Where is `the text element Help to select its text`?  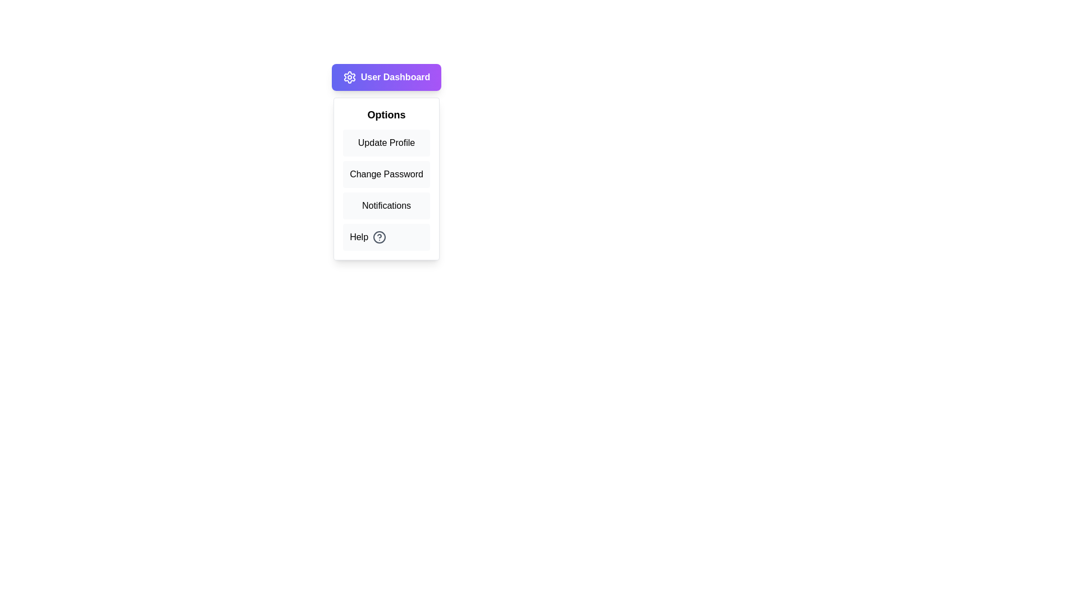
the text element Help to select its text is located at coordinates (386, 237).